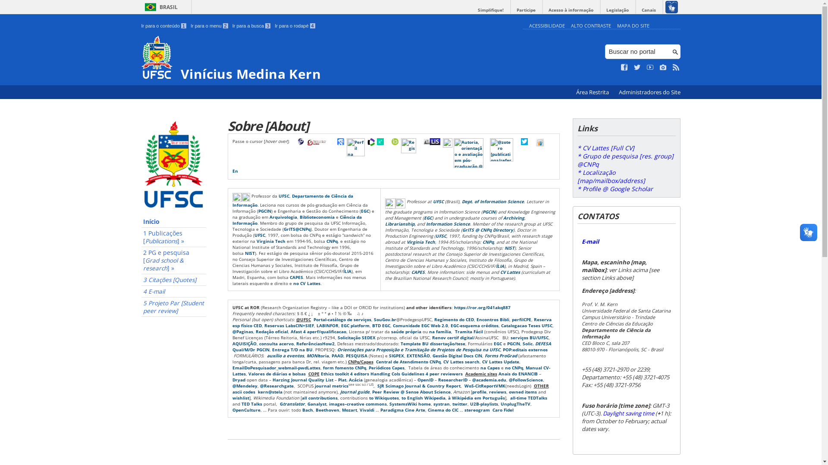  Describe the element at coordinates (443, 409) in the screenshot. I see `'Cinema do CIC'` at that location.